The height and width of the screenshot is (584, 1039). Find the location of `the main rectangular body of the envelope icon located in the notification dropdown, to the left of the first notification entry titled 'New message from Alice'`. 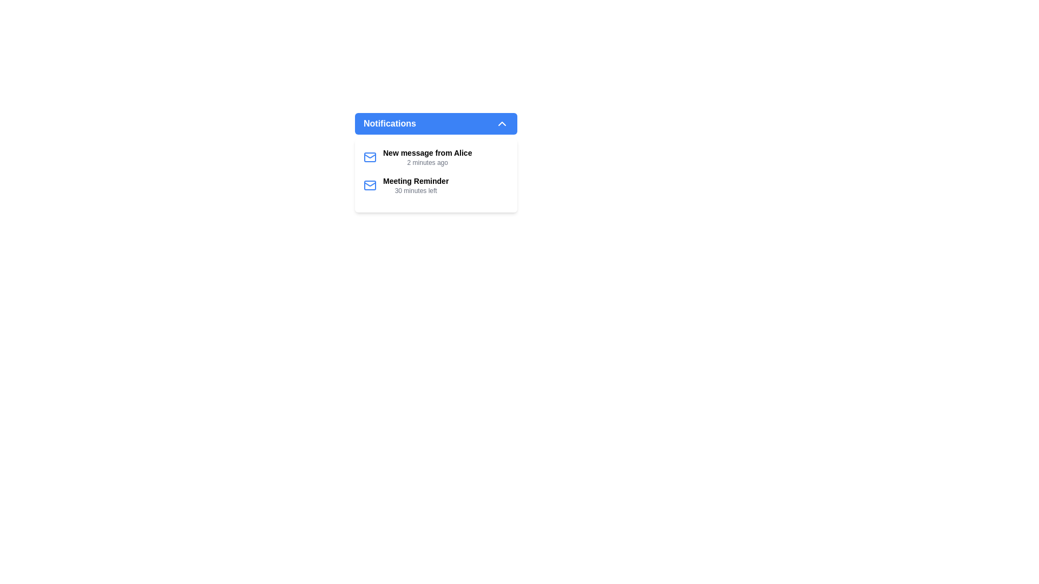

the main rectangular body of the envelope icon located in the notification dropdown, to the left of the first notification entry titled 'New message from Alice' is located at coordinates (370, 157).